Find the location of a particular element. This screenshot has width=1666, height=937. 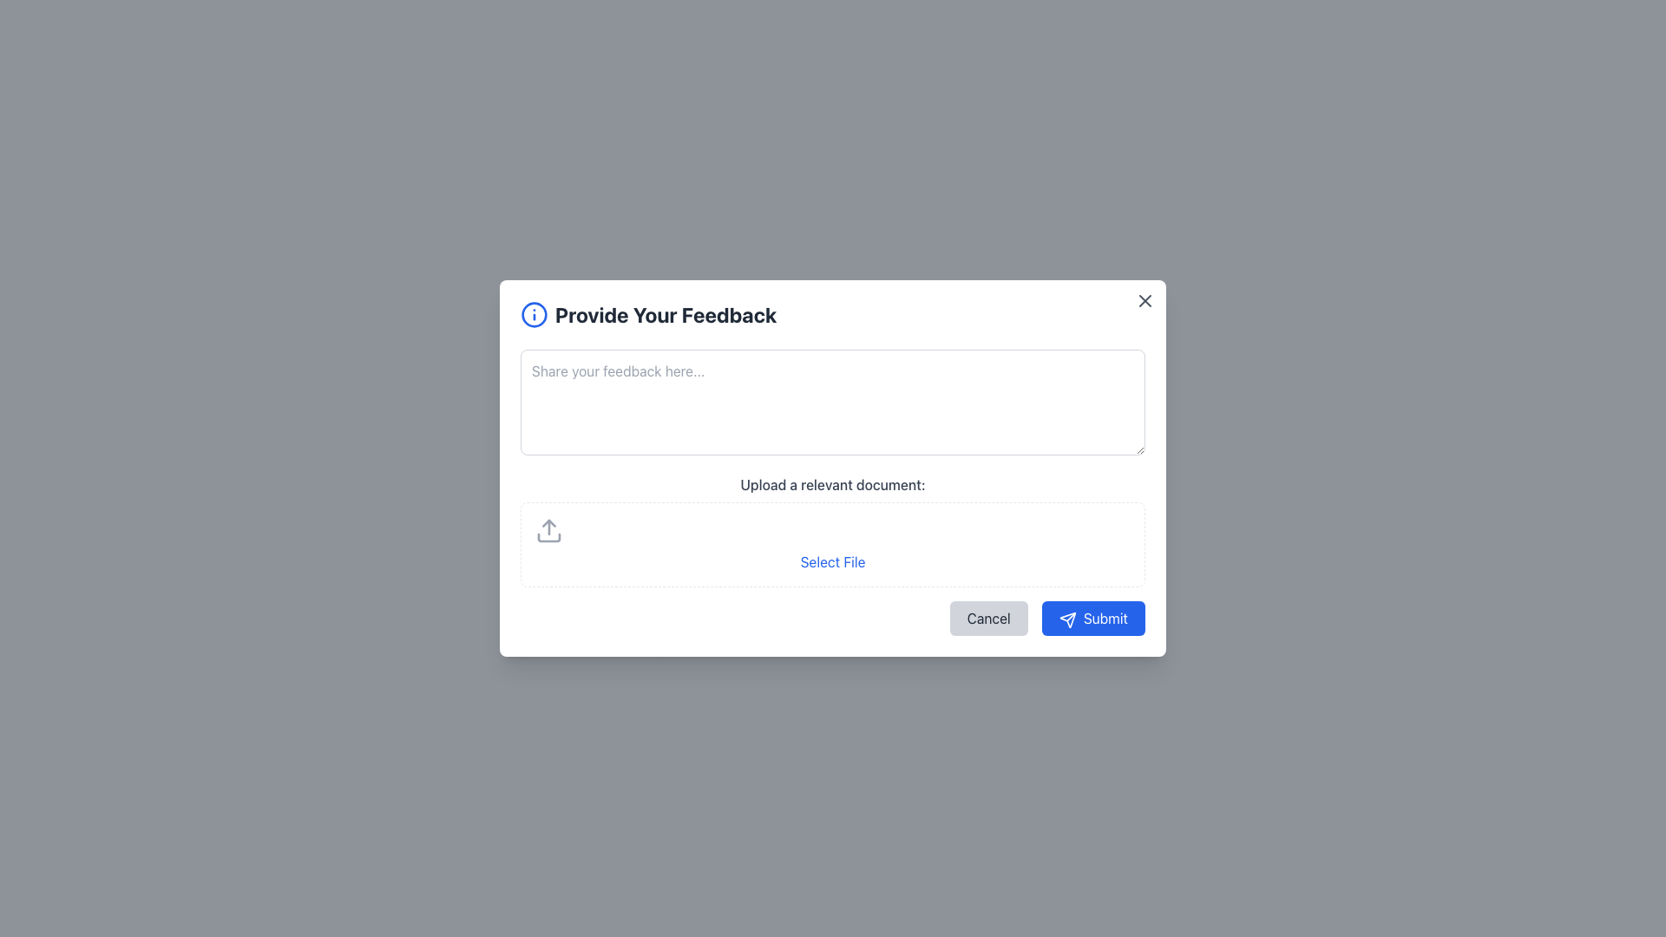

the 'send' button located in the bottom right of the modal interface, which signifies the action to submit a form is located at coordinates (1066, 618).